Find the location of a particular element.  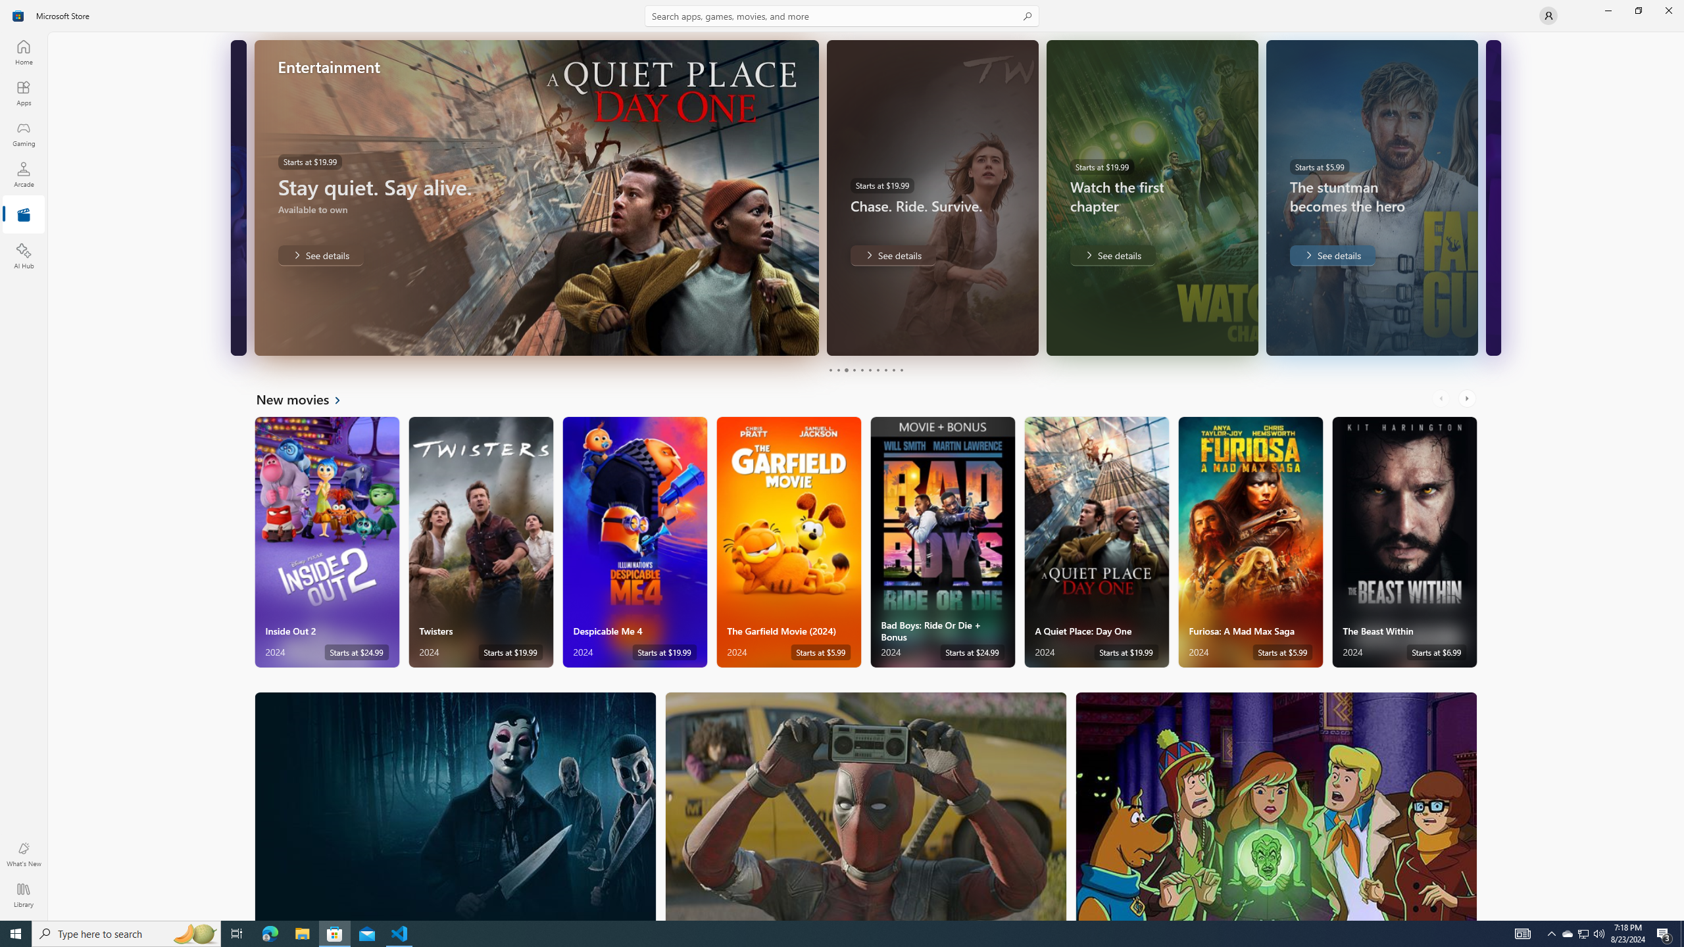

'Page 5' is located at coordinates (860, 370).